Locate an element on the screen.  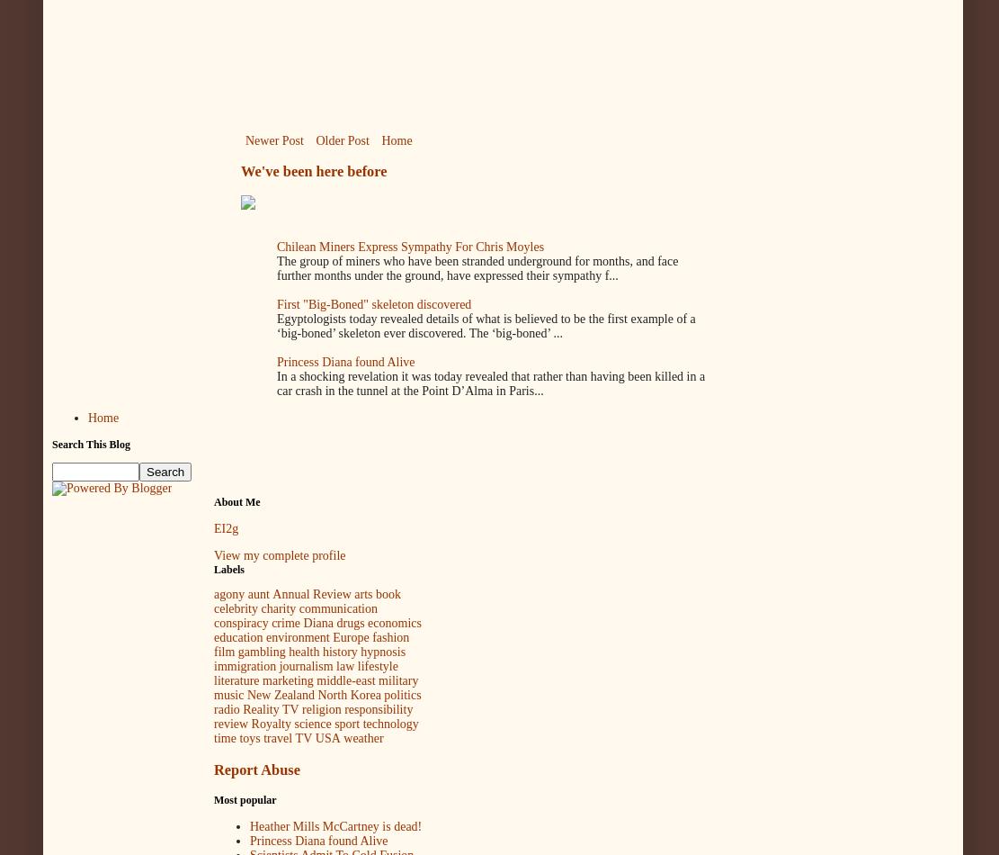
'New Zealand' is located at coordinates (279, 694).